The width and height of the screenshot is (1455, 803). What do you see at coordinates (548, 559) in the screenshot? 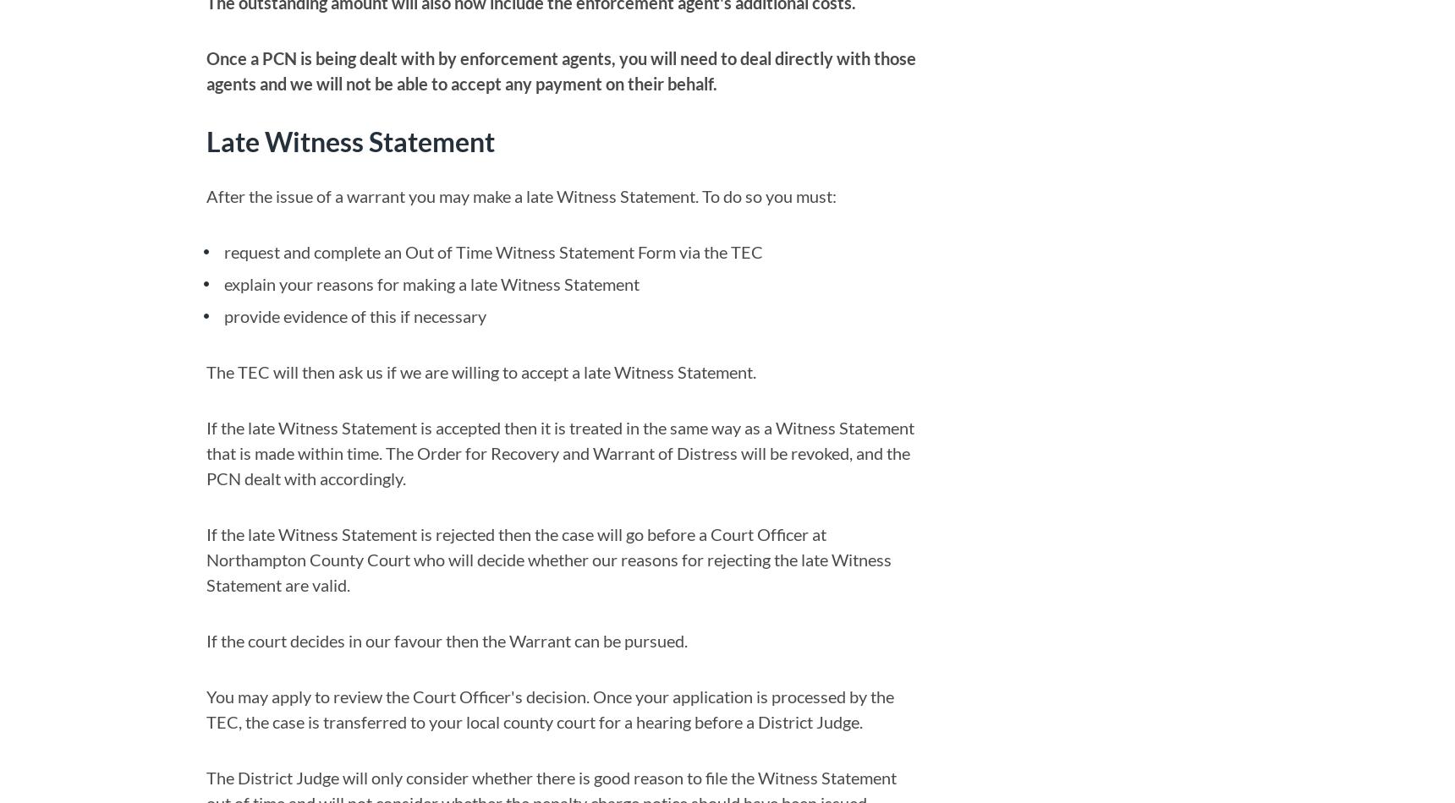
I see `'If the late Witness Statement is rejected then the case will go before a Court Officer at Northampton County Court who will decide whether our reasons for rejecting the late Witness Statement are valid.'` at bounding box center [548, 559].